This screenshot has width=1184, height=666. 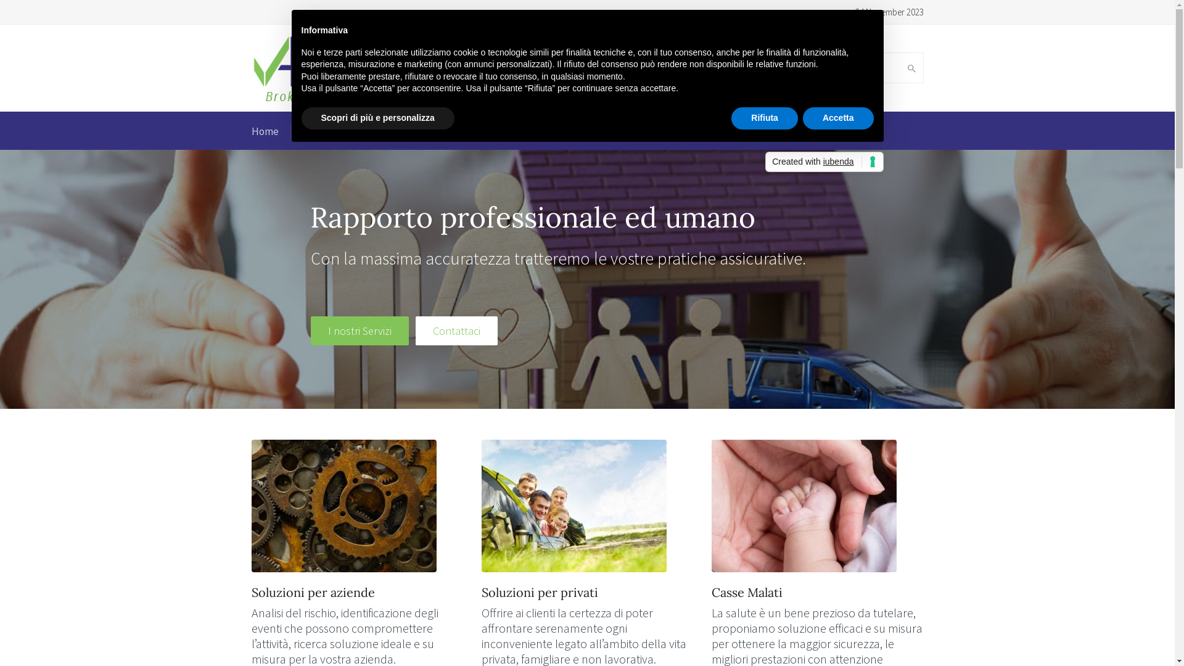 I want to click on 'ABCyber Risk', so click(x=570, y=131).